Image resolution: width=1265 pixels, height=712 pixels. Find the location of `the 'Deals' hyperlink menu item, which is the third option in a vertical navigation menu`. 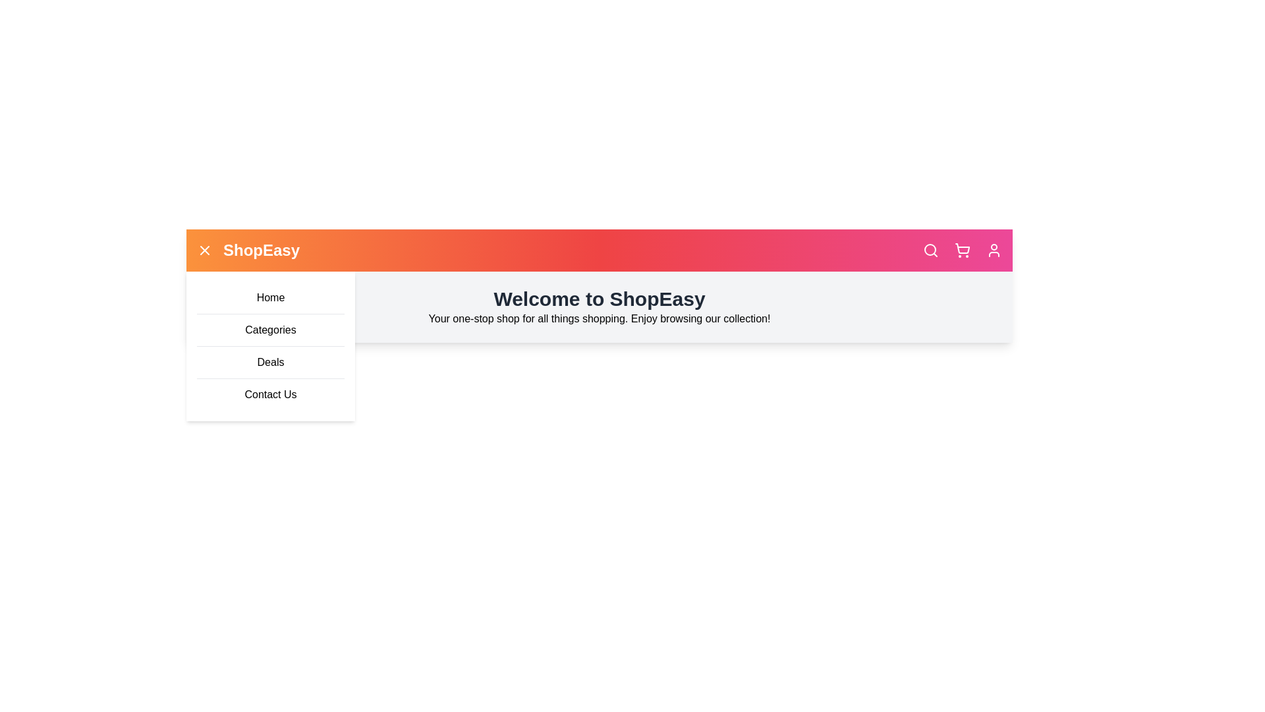

the 'Deals' hyperlink menu item, which is the third option in a vertical navigation menu is located at coordinates (270, 361).